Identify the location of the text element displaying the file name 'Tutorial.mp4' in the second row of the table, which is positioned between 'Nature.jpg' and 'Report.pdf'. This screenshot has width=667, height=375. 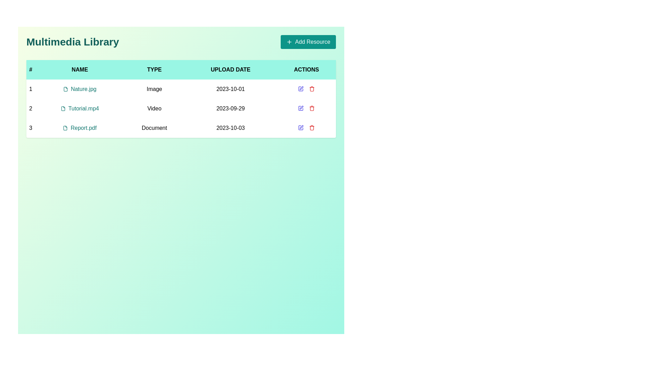
(80, 108).